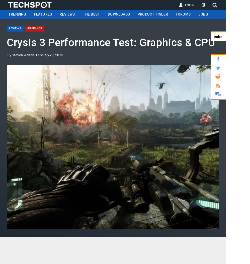 The image size is (250, 264). Describe the element at coordinates (42, 14) in the screenshot. I see `'Features'` at that location.